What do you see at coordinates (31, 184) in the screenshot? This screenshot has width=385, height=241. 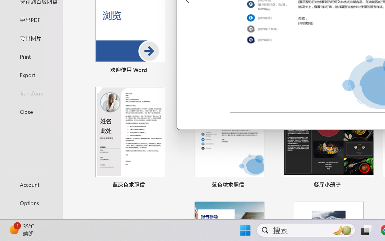 I see `'Account'` at bounding box center [31, 184].